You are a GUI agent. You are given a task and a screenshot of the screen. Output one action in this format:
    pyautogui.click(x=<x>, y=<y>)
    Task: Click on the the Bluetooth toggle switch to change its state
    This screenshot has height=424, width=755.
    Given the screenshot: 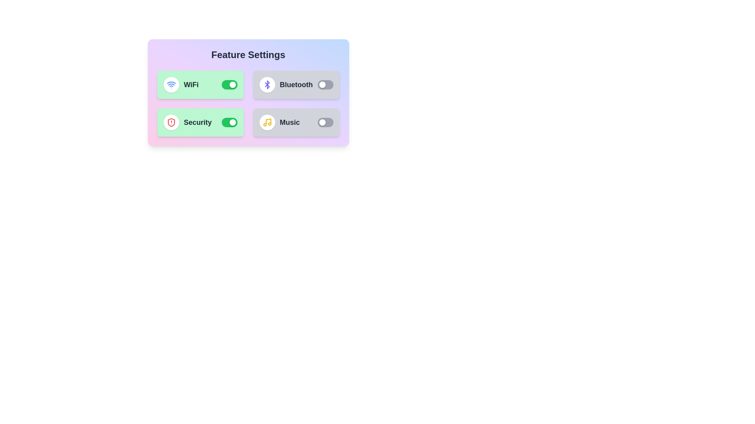 What is the action you would take?
    pyautogui.click(x=325, y=85)
    